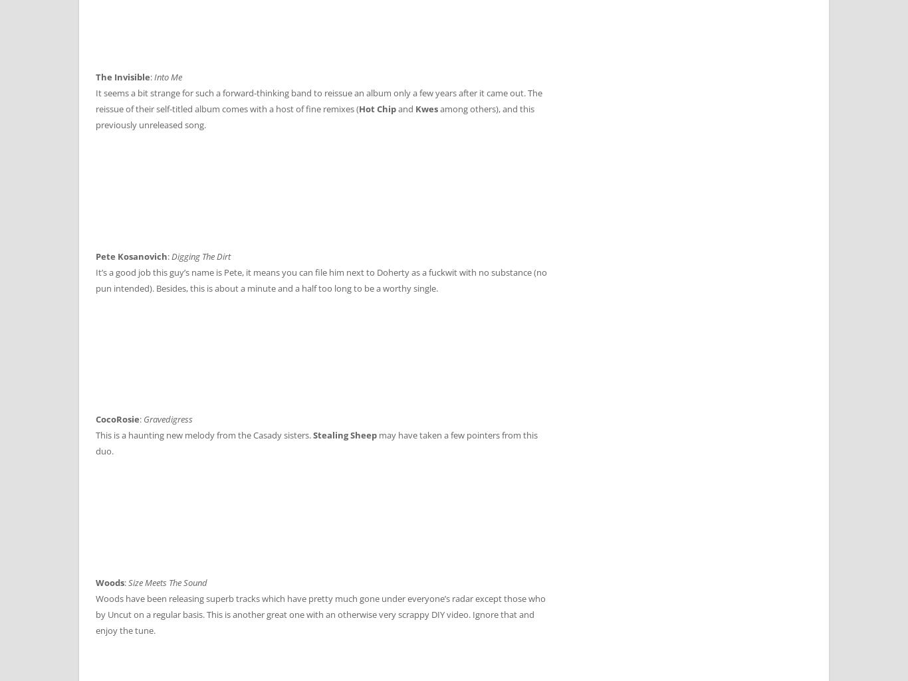 This screenshot has width=908, height=681. Describe the element at coordinates (130, 255) in the screenshot. I see `'Pete Kosanovich'` at that location.